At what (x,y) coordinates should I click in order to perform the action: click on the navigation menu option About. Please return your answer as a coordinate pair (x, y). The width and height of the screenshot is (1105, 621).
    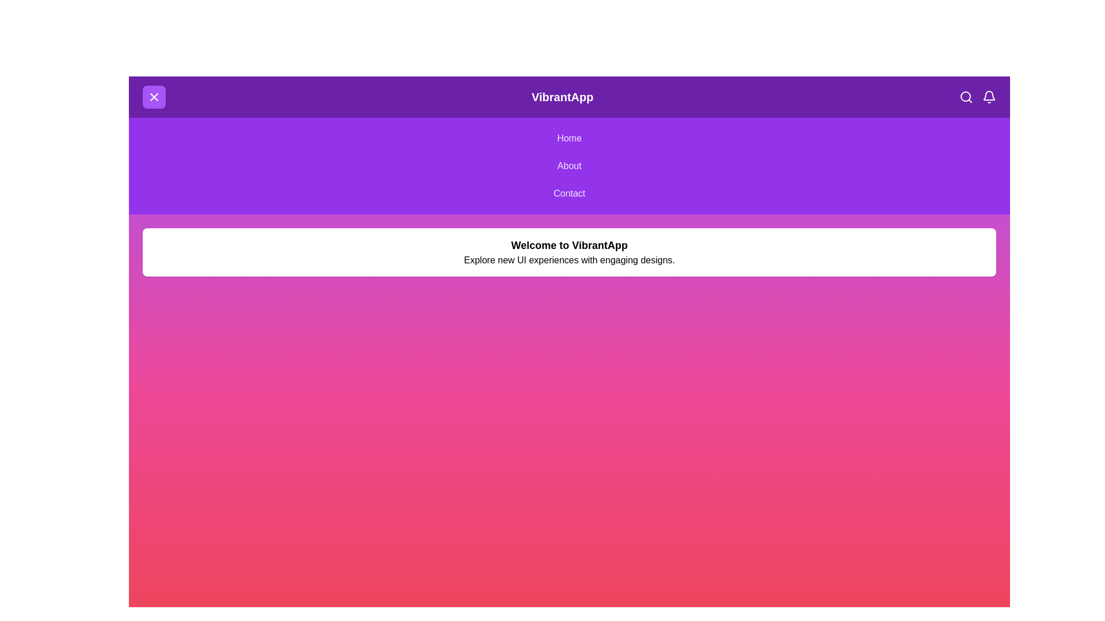
    Looking at the image, I should click on (569, 166).